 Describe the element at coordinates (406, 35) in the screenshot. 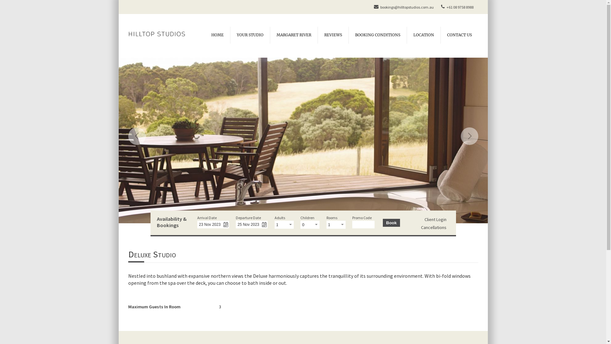

I see `'LOCATION'` at that location.